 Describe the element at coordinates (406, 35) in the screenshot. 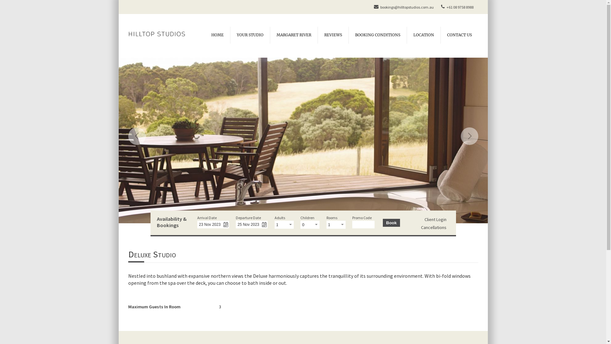

I see `'LOCATION'` at that location.